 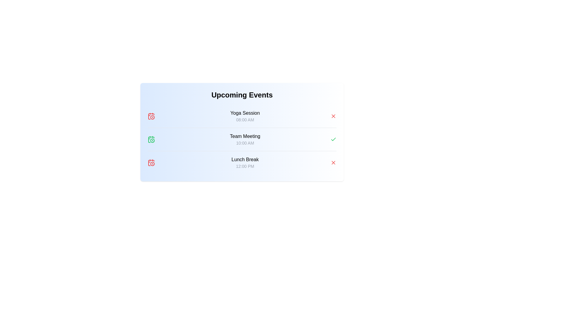 I want to click on the icon representing a scheduled activity, located to the left of the 'Lunch Break' entry in the list of upcoming events, so click(x=151, y=162).